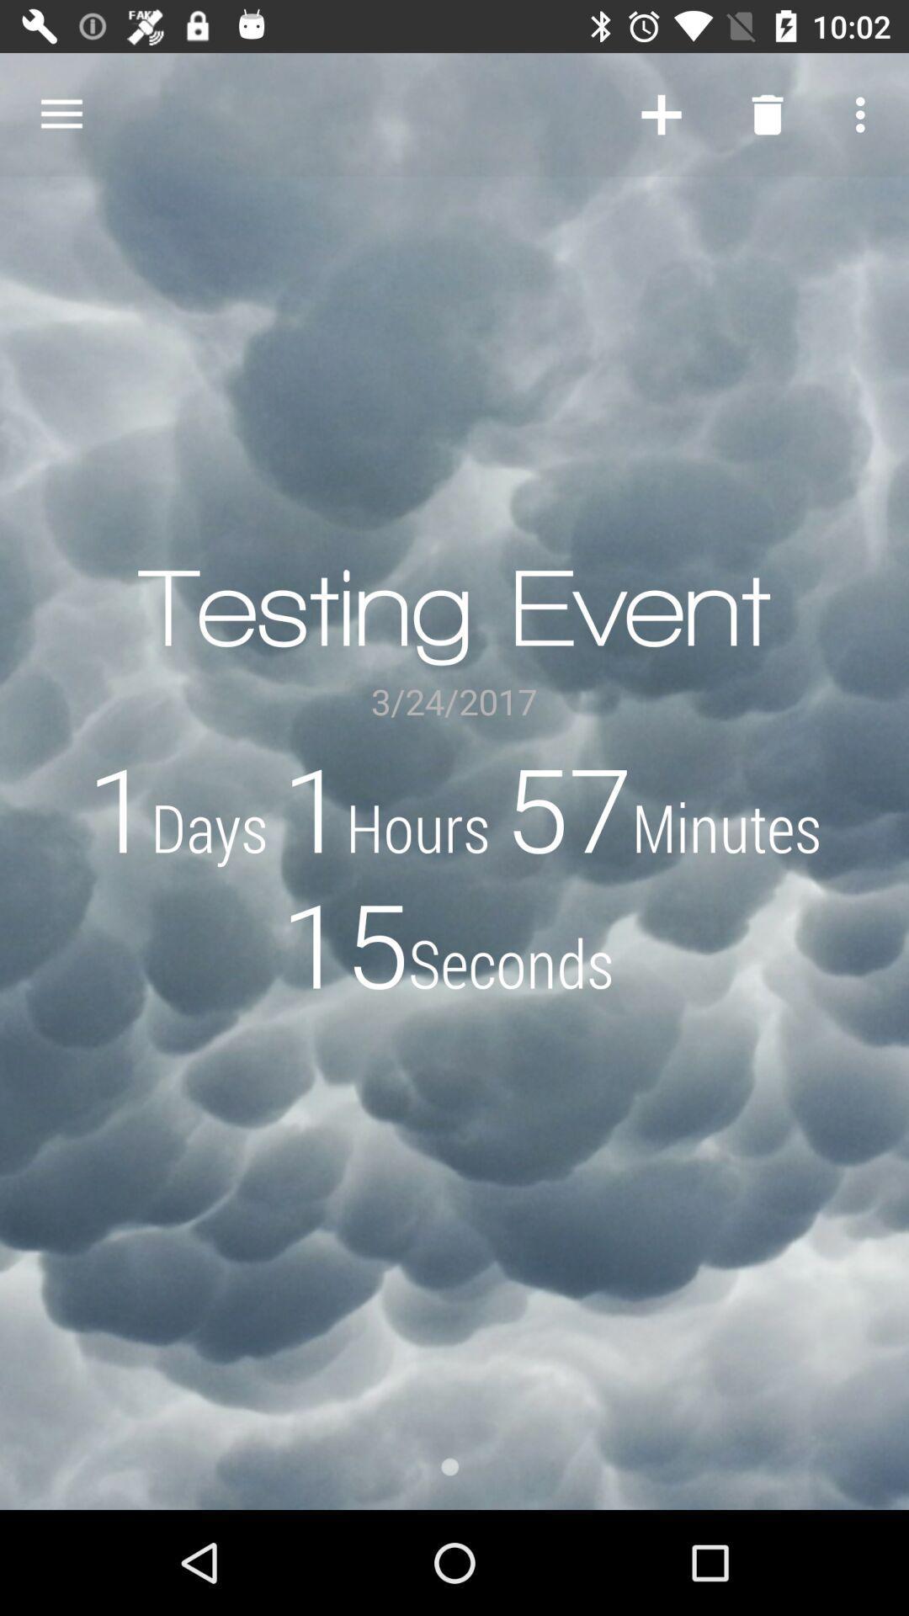 The width and height of the screenshot is (909, 1616). Describe the element at coordinates (661, 114) in the screenshot. I see `the icon to the right of the testing event` at that location.